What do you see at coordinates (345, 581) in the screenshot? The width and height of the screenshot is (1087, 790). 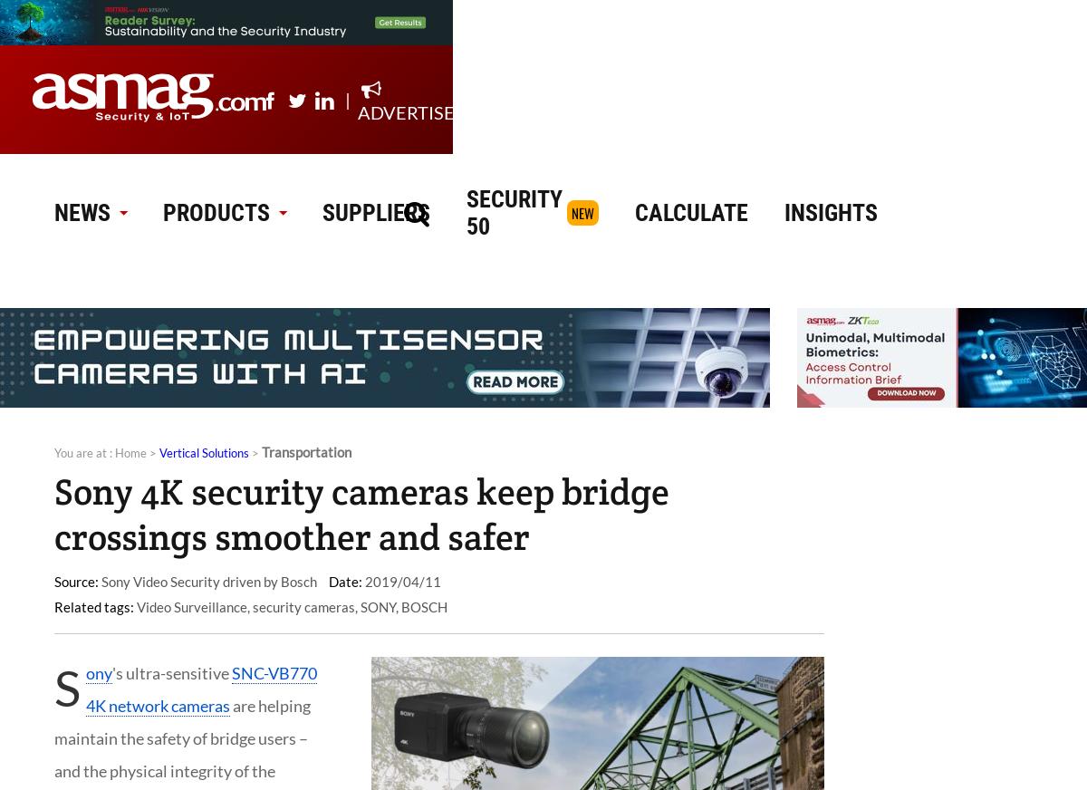 I see `'Date:'` at bounding box center [345, 581].